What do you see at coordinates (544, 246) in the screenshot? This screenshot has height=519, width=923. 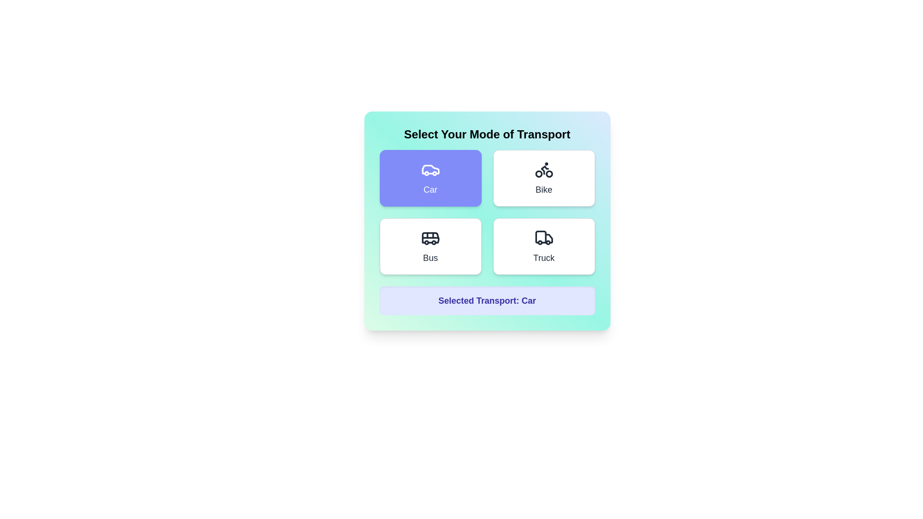 I see `the transport mode Truck` at bounding box center [544, 246].